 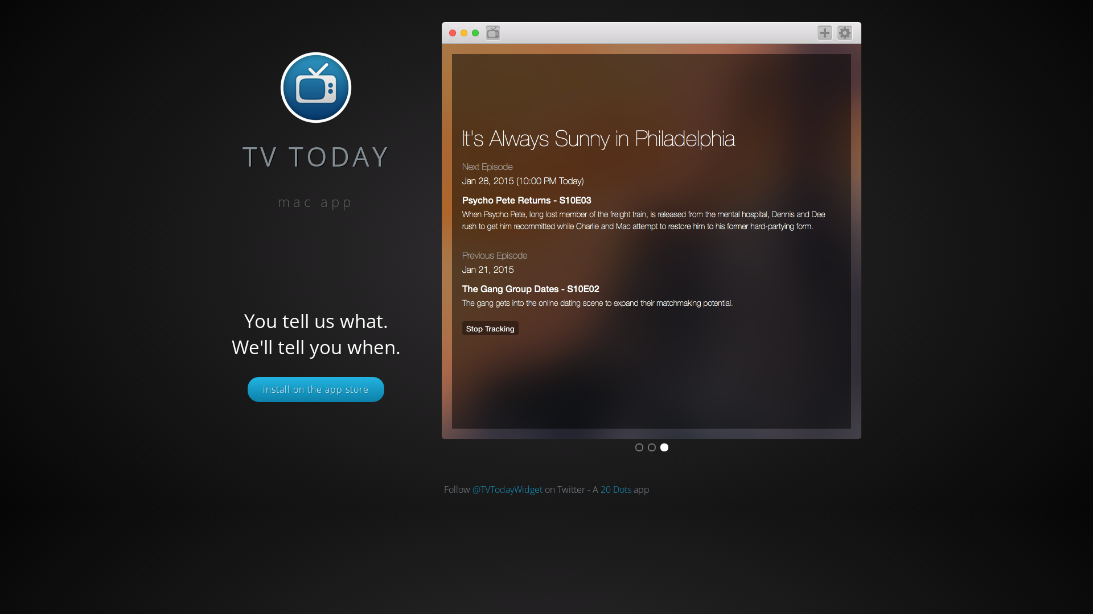 I want to click on '20 Dots', so click(x=614, y=488).